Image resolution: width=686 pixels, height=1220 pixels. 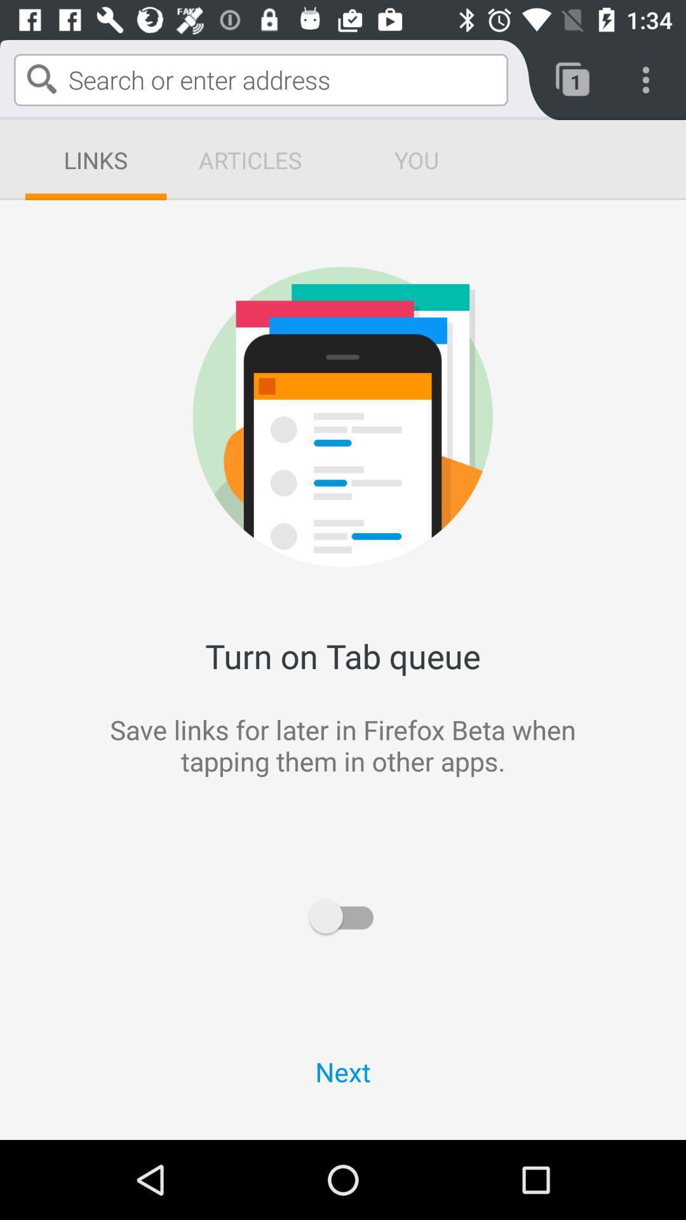 I want to click on the text below turn on tab queue, so click(x=177, y=796).